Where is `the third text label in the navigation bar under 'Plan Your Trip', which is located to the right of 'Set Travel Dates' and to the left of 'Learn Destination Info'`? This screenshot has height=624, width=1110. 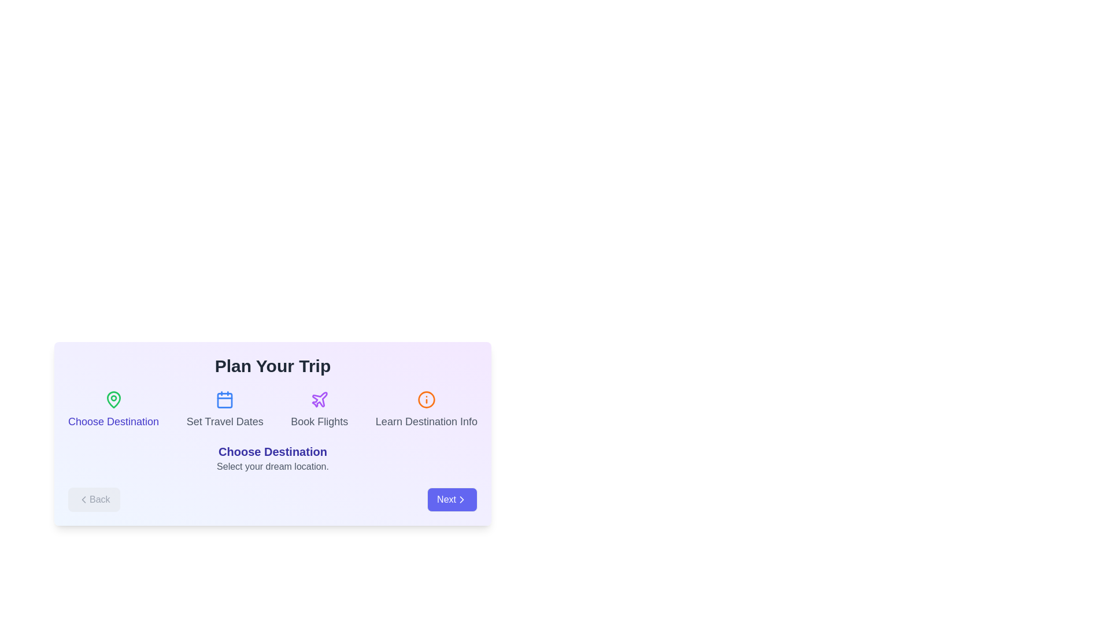
the third text label in the navigation bar under 'Plan Your Trip', which is located to the right of 'Set Travel Dates' and to the left of 'Learn Destination Info' is located at coordinates (319, 421).